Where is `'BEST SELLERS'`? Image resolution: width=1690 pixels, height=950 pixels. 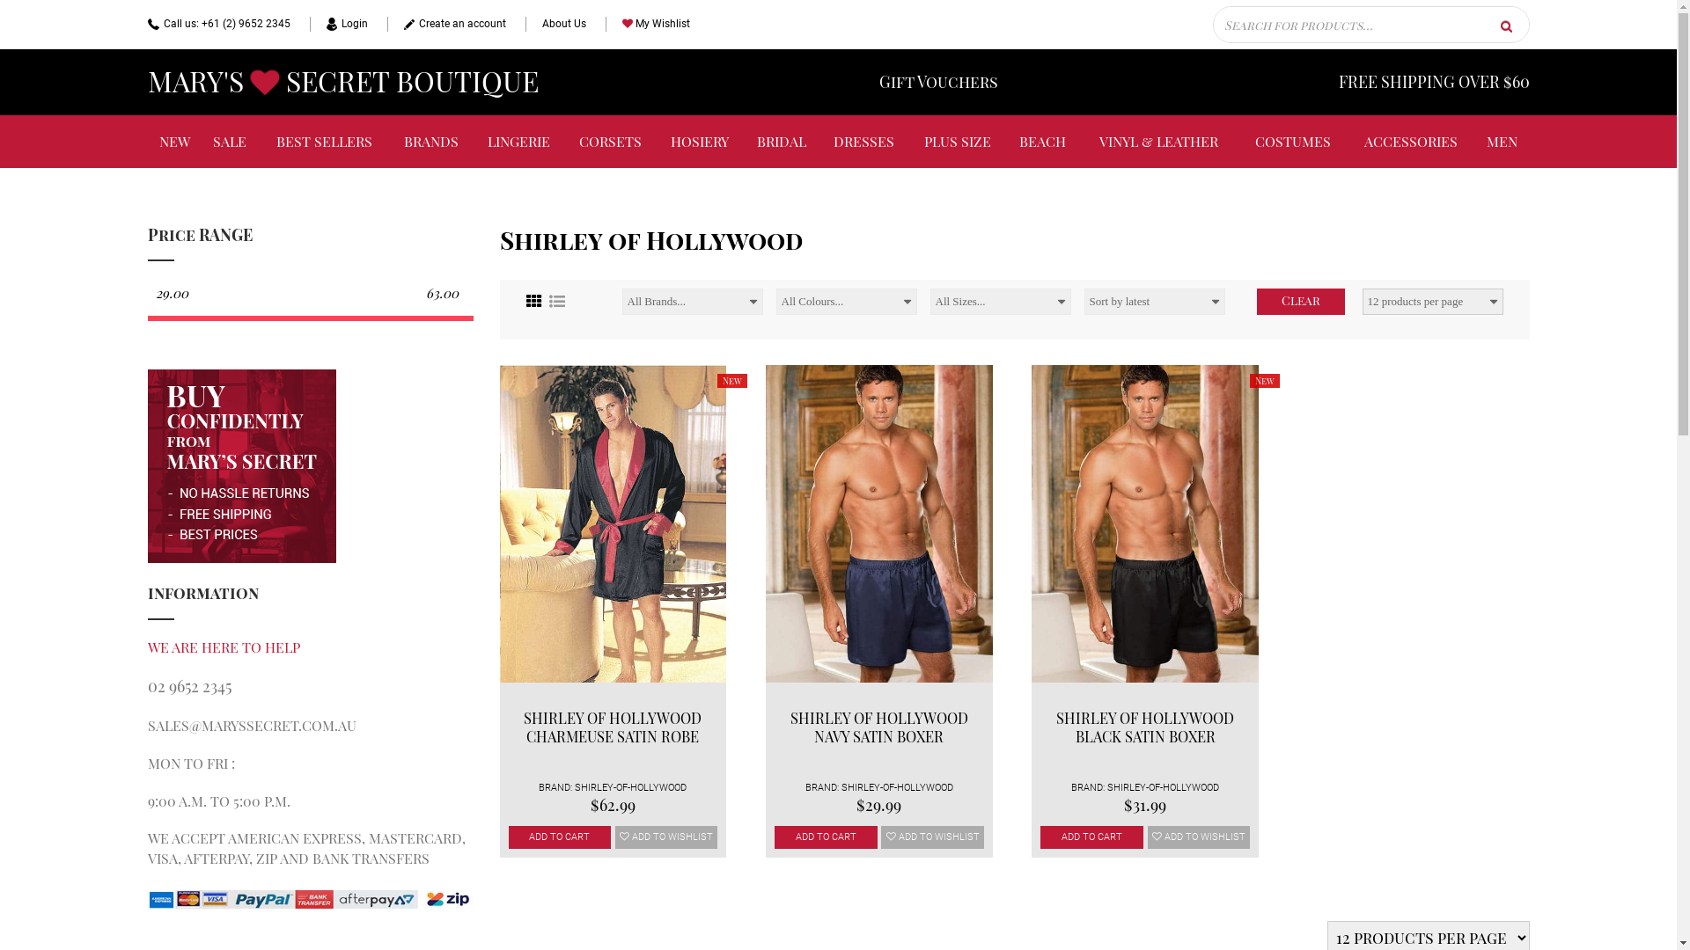
'BEST SELLERS' is located at coordinates (325, 141).